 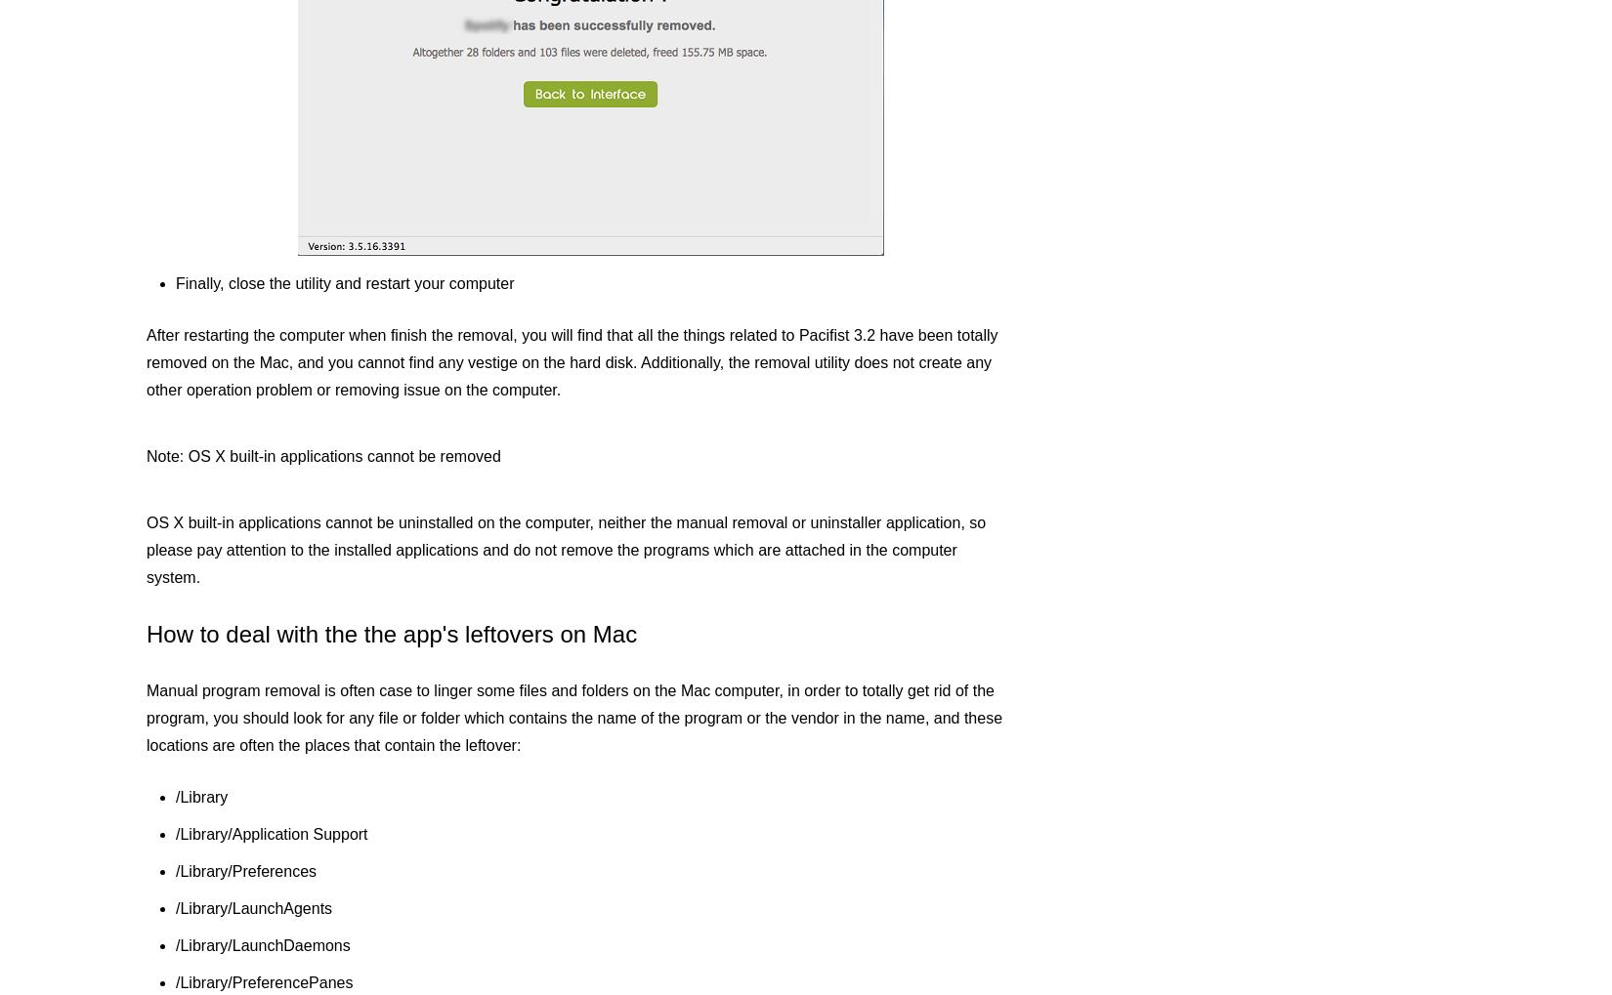 I want to click on 'After restarting the computer when finish the removal, you will find that all the things related to Pacifist 3.2  have been totally removed on the Mac, and you cannot find any vestige on the hard disk. Additionally, the removal utility does not create any other operation problem or removing issue on the computer.', so click(x=146, y=361).